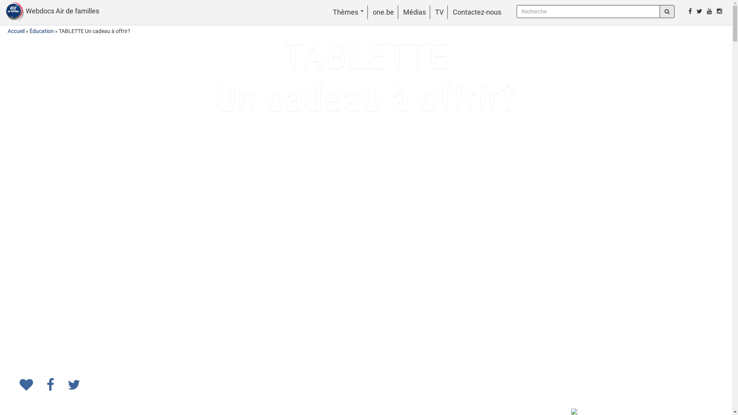 The height and width of the screenshot is (415, 738). What do you see at coordinates (383, 12) in the screenshot?
I see `'one.be'` at bounding box center [383, 12].